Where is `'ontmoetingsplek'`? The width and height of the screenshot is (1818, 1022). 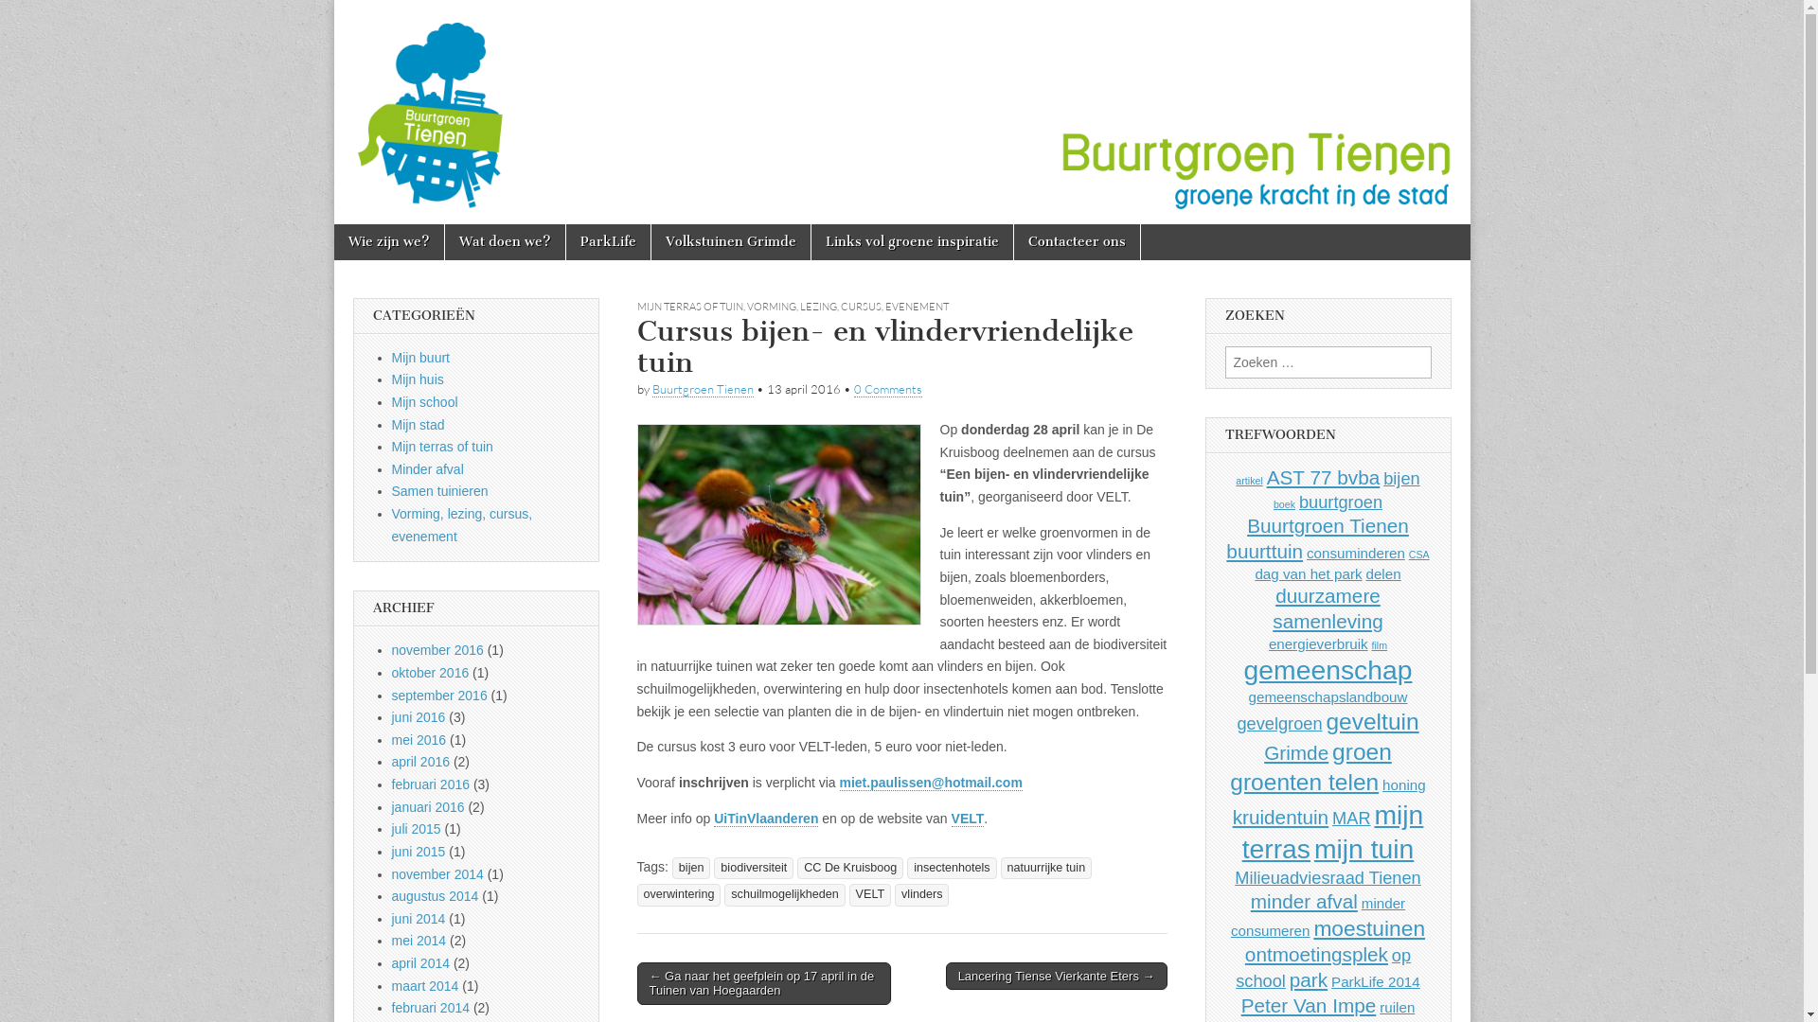 'ontmoetingsplek' is located at coordinates (1245, 954).